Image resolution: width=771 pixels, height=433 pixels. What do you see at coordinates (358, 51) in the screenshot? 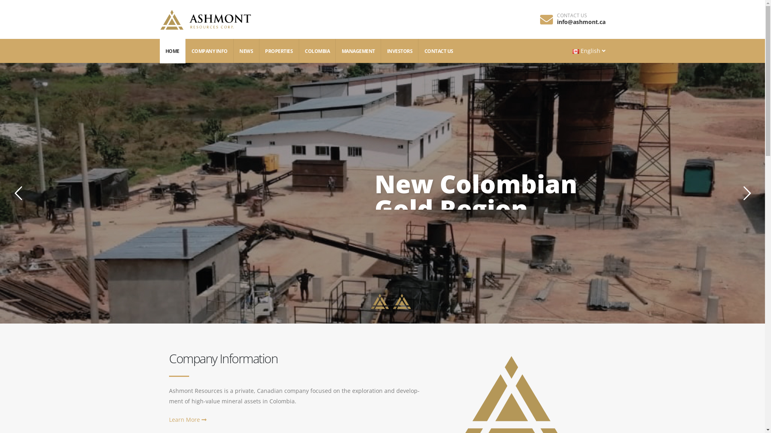
I see `'MANAGEMENT'` at bounding box center [358, 51].